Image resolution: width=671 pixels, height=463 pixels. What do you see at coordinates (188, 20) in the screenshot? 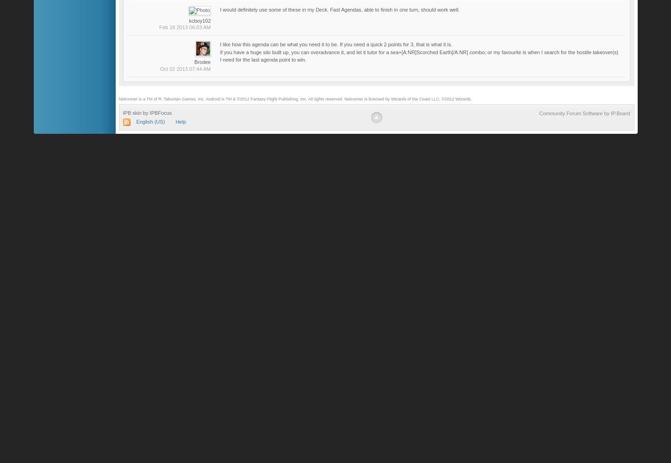
I see `'kcboy102'` at bounding box center [188, 20].